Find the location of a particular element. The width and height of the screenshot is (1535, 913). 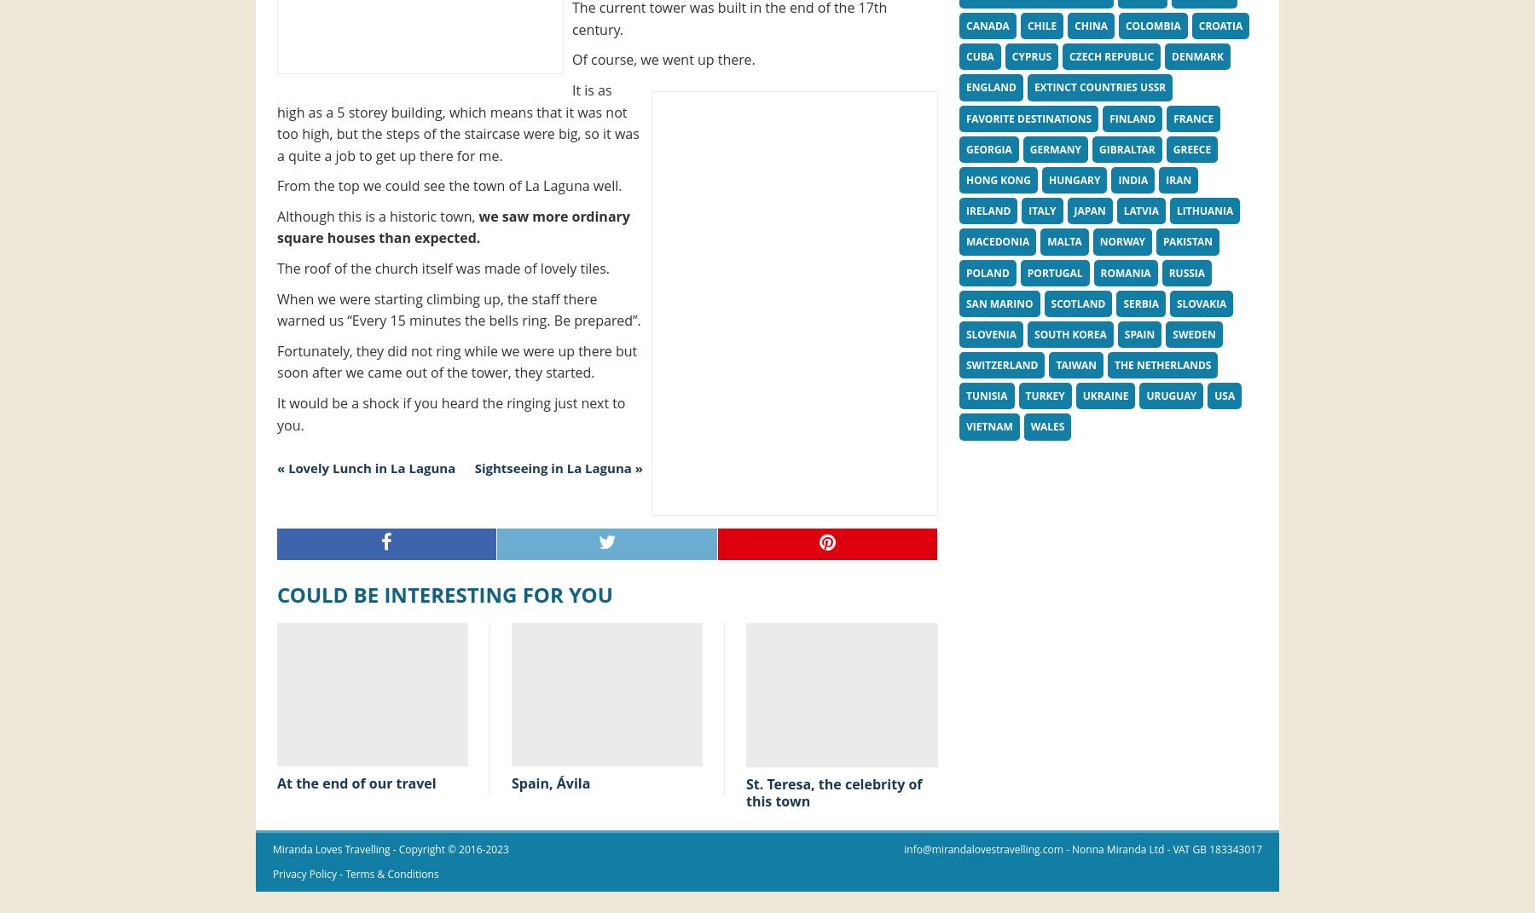

'From the top we could see the town of La Laguna well.' is located at coordinates (449, 184).